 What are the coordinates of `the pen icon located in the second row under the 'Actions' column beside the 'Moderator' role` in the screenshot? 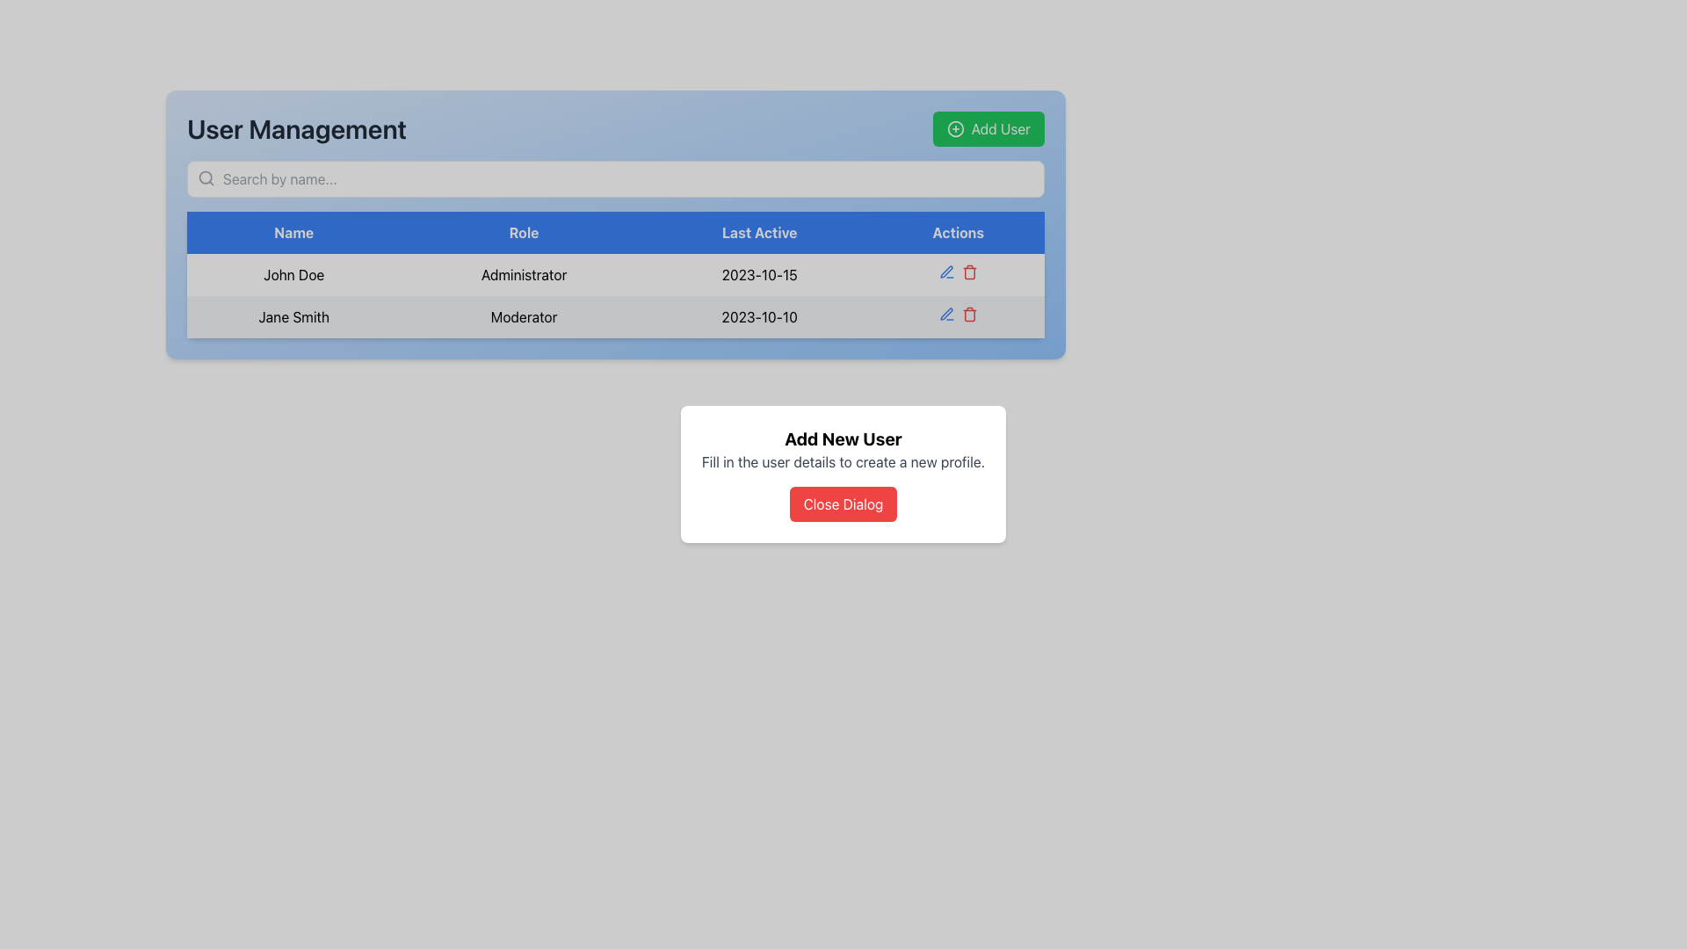 It's located at (945, 313).